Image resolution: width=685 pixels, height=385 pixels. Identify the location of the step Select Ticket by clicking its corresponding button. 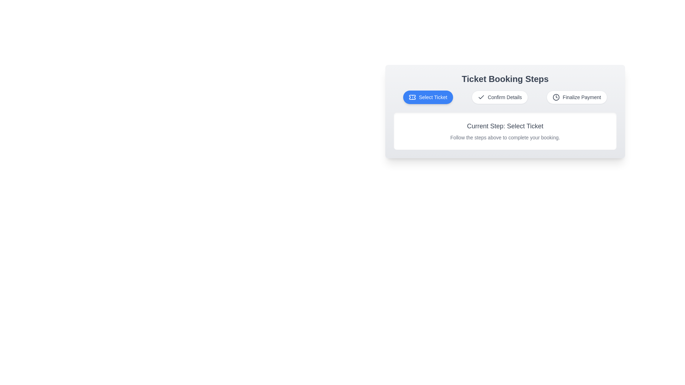
(428, 97).